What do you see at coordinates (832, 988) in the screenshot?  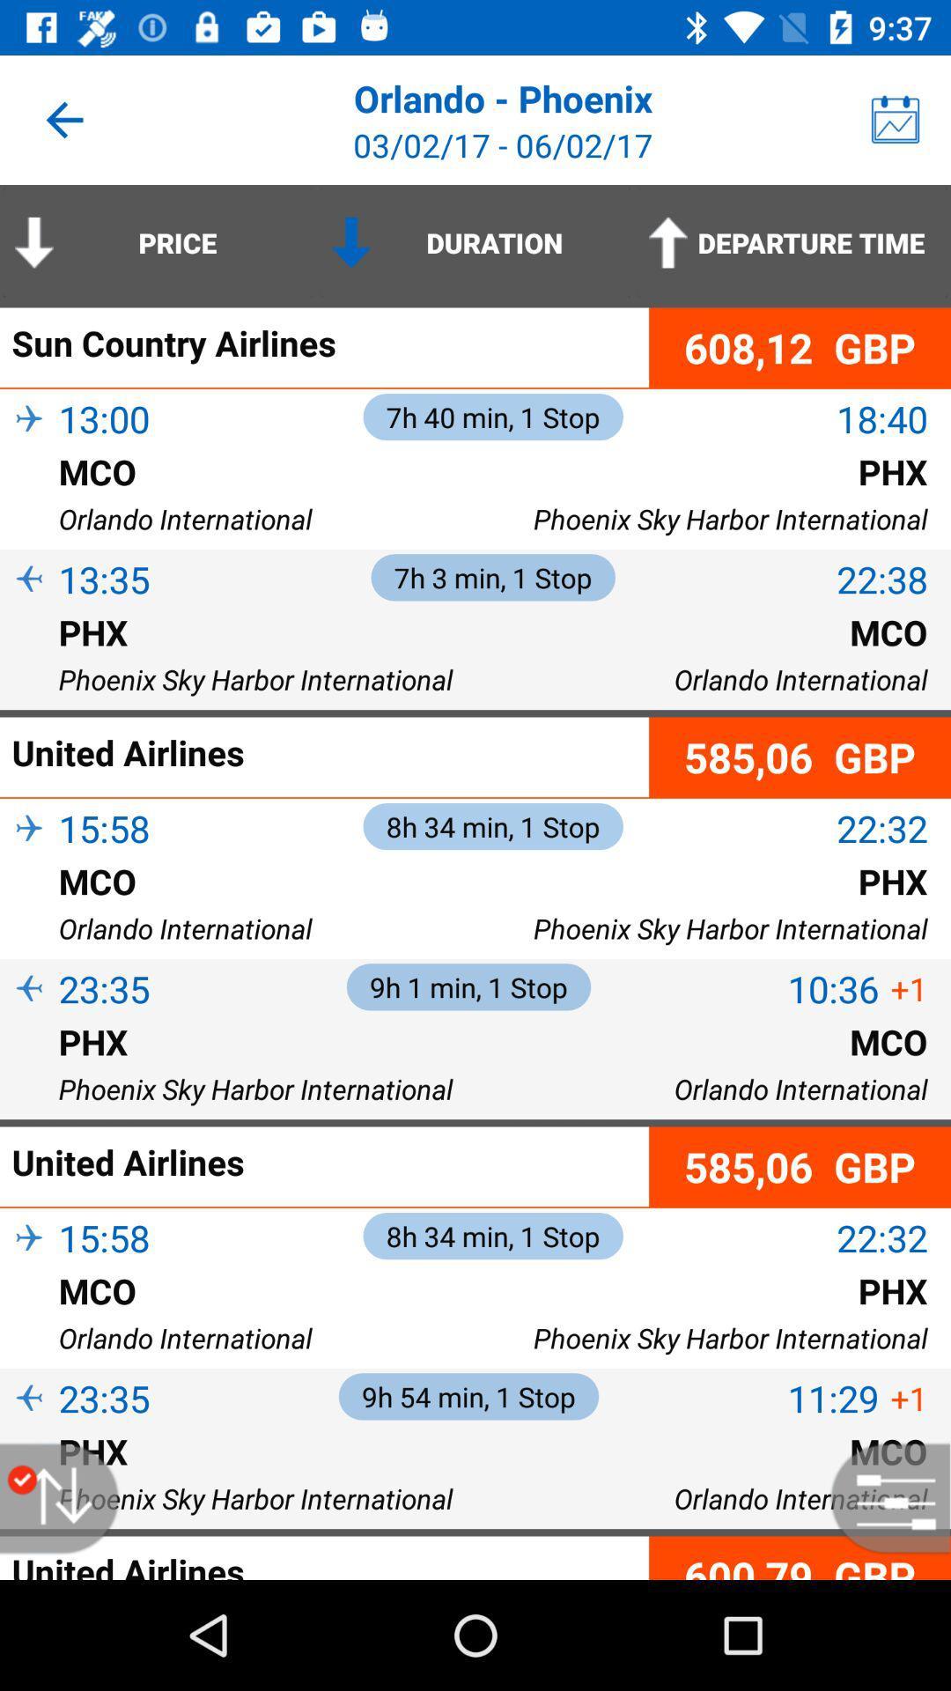 I see `item next to 9h 1 min item` at bounding box center [832, 988].